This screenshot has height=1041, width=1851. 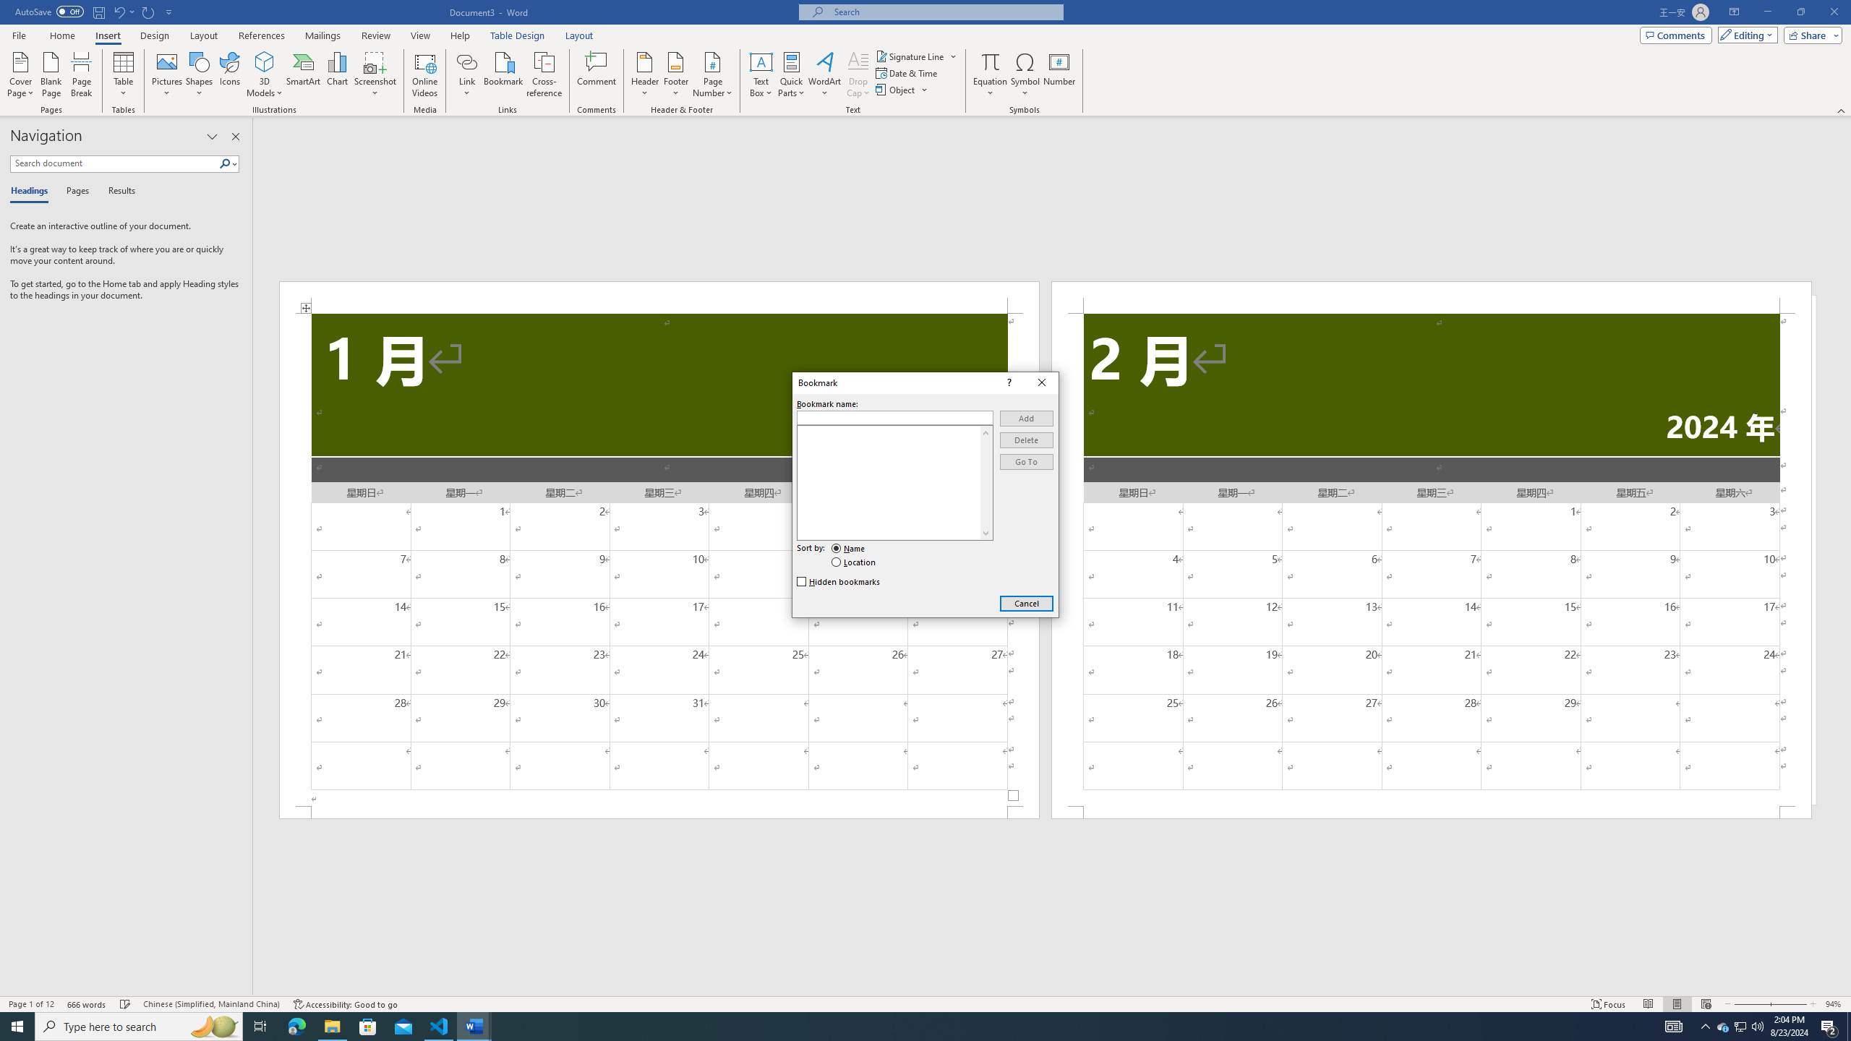 I want to click on 'Layout', so click(x=578, y=35).